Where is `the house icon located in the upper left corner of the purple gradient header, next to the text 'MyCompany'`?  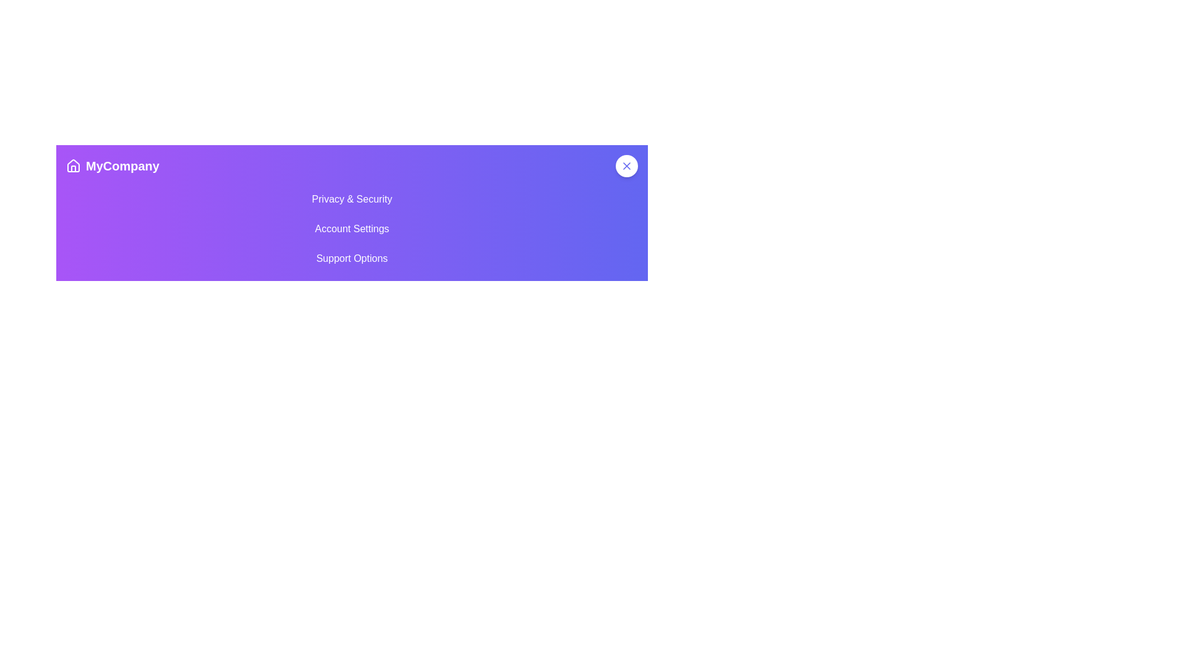
the house icon located in the upper left corner of the purple gradient header, next to the text 'MyCompany' is located at coordinates (73, 164).